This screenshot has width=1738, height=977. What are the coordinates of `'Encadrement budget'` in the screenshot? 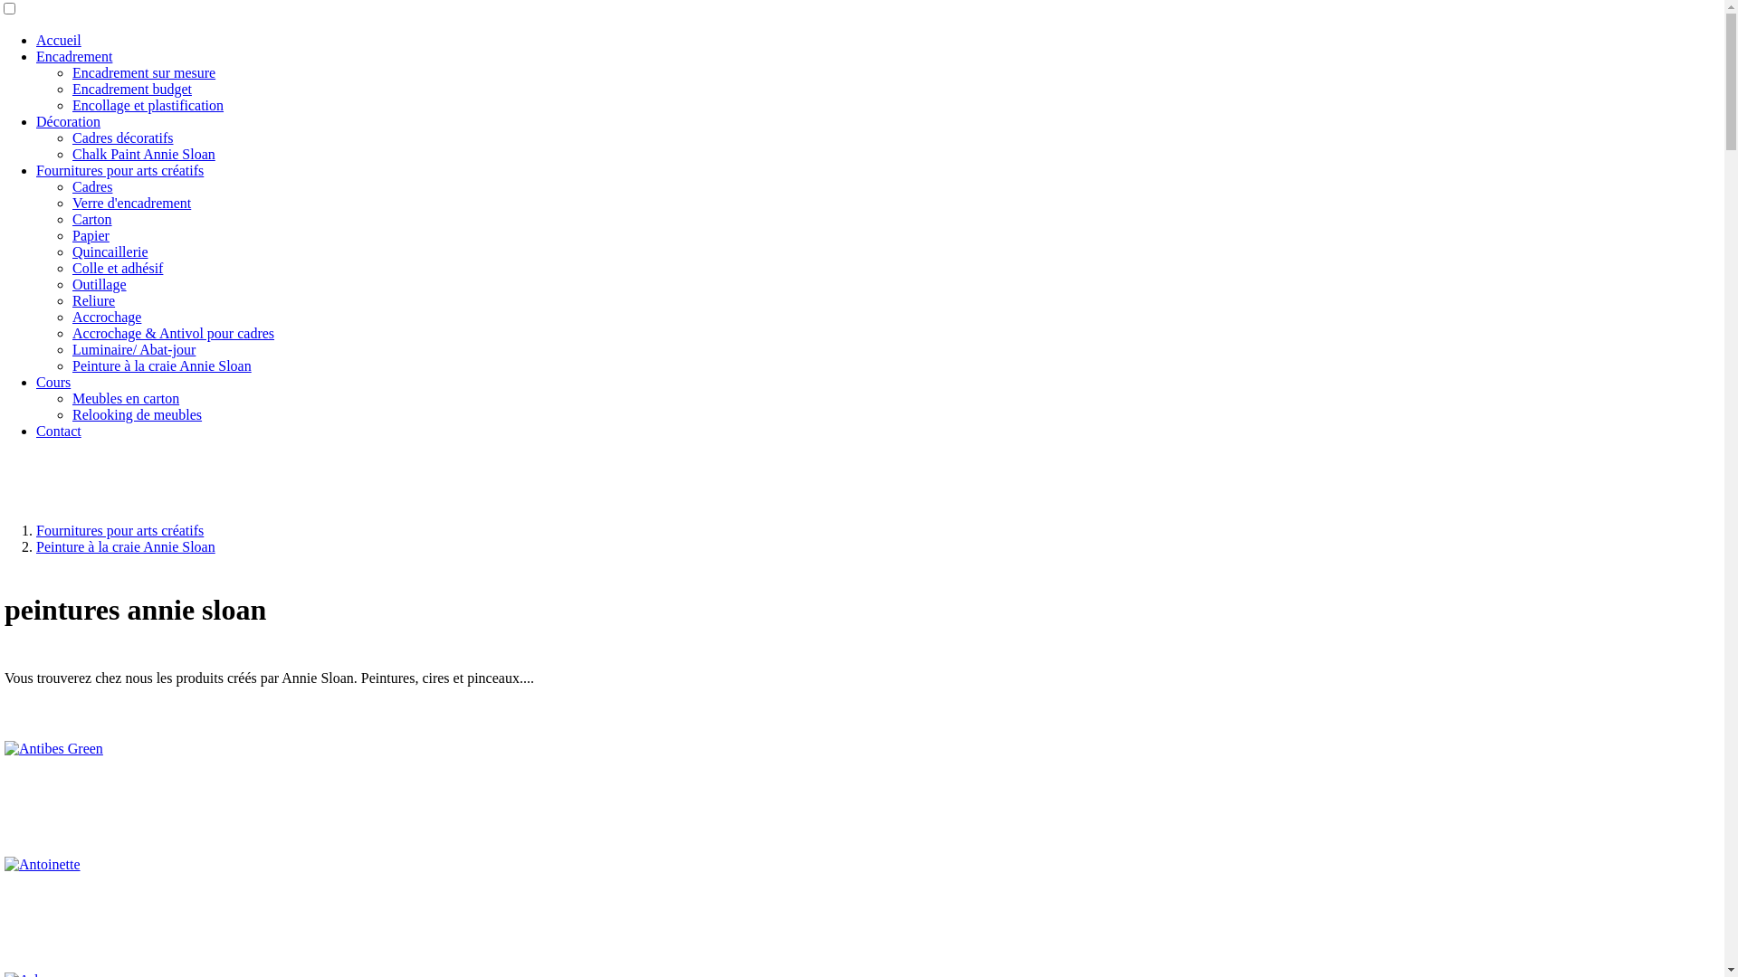 It's located at (130, 89).